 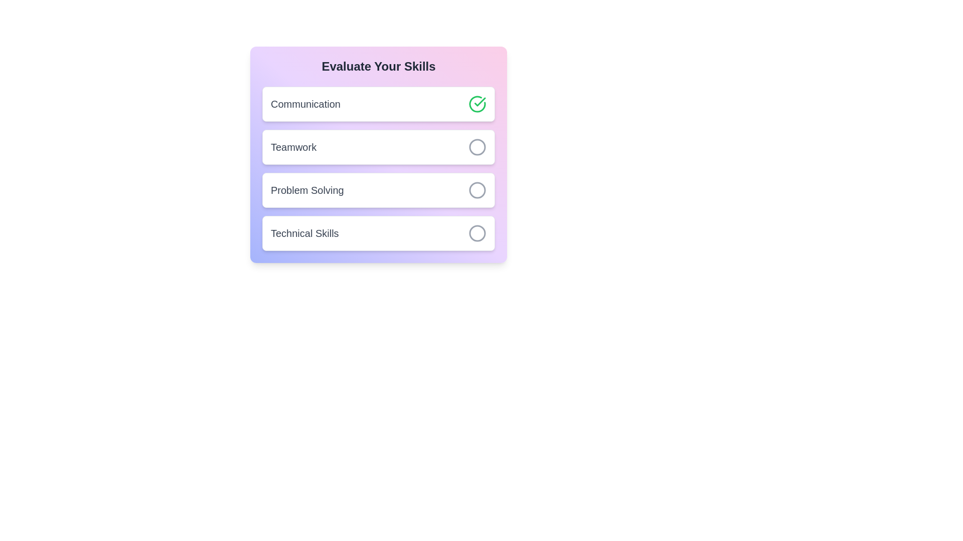 I want to click on the skill Communication by clicking its associated button, so click(x=476, y=104).